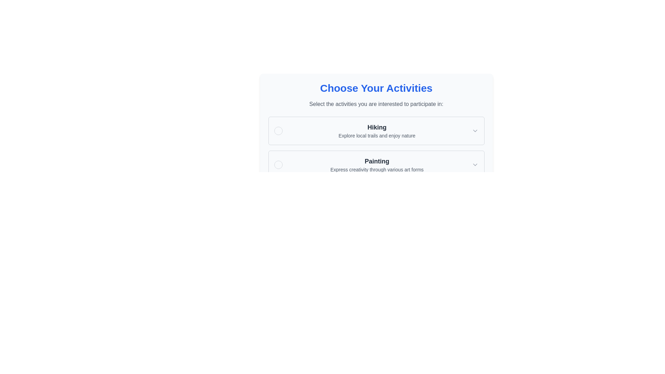 The width and height of the screenshot is (665, 374). Describe the element at coordinates (475, 131) in the screenshot. I see `the chevron icon located at the far right of the 'Hiking' card` at that location.